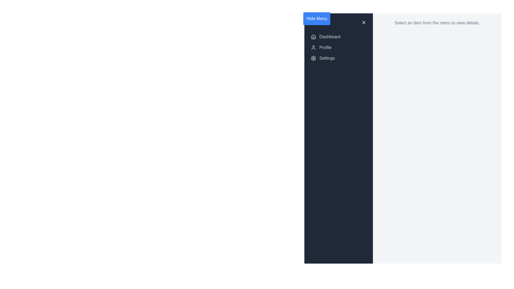 The image size is (514, 289). I want to click on the 'Dashboard' menu item associated with the house icon in the navigation menu on the left-hand side of the interface, so click(313, 37).